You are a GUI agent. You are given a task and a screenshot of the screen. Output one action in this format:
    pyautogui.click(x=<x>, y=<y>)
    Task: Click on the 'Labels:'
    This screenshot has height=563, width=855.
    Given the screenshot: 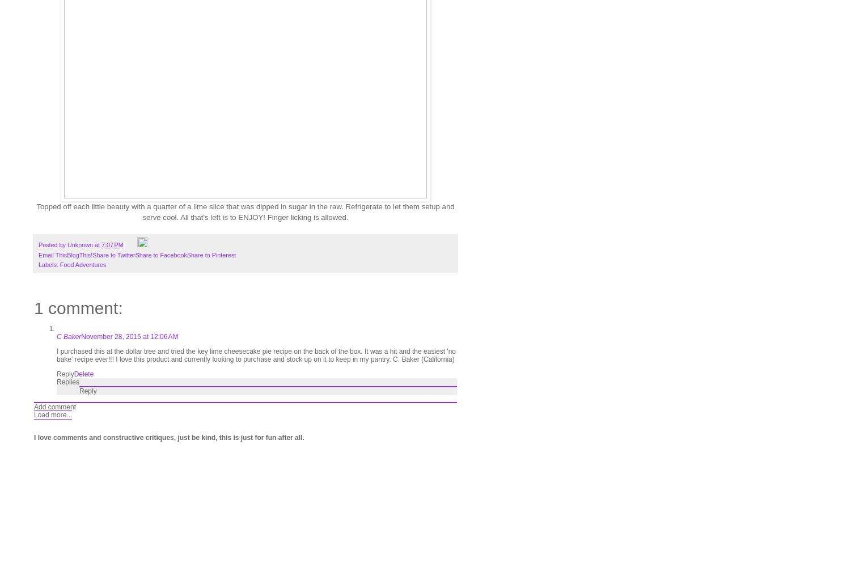 What is the action you would take?
    pyautogui.click(x=49, y=264)
    